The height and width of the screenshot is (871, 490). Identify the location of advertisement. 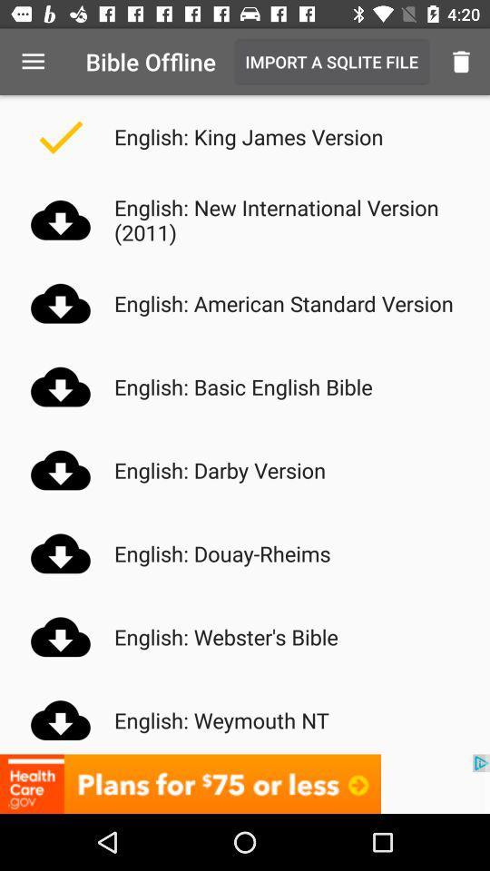
(245, 783).